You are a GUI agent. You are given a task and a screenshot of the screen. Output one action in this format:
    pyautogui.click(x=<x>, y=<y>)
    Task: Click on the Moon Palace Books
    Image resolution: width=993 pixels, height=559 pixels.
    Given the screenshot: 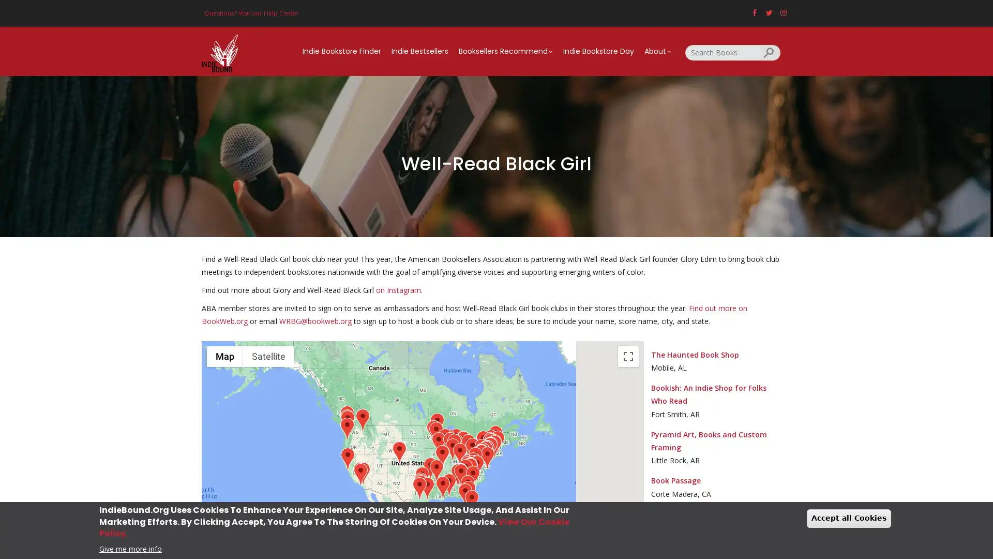 What is the action you would take?
    pyautogui.click(x=433, y=431)
    